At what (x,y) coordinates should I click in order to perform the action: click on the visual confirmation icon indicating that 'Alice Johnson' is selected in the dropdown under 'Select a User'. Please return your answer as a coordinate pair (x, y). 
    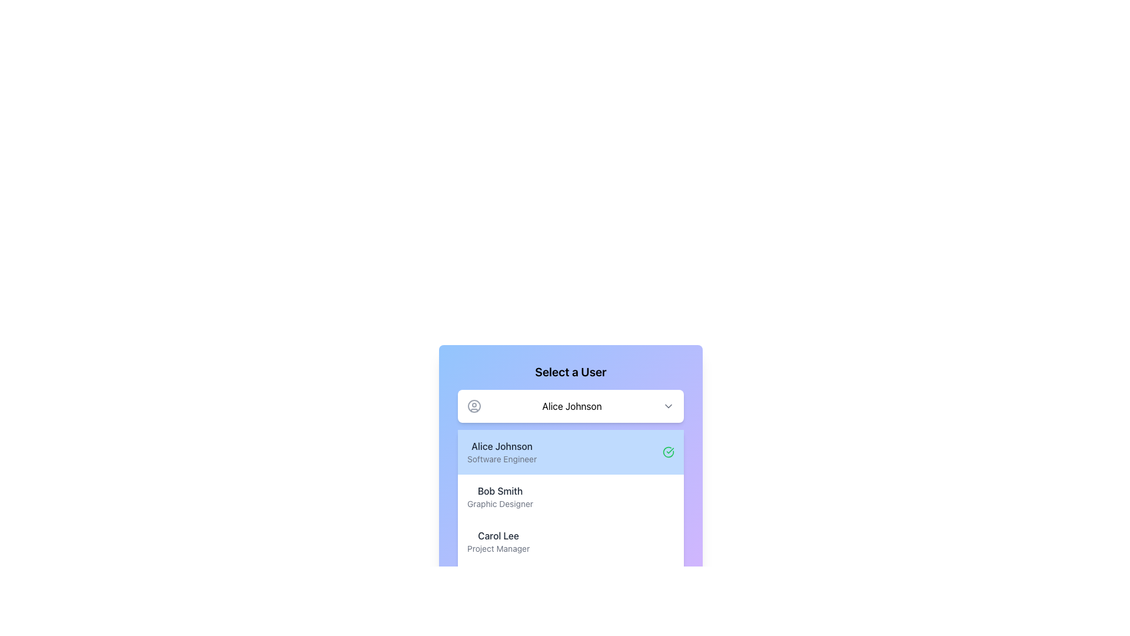
    Looking at the image, I should click on (669, 451).